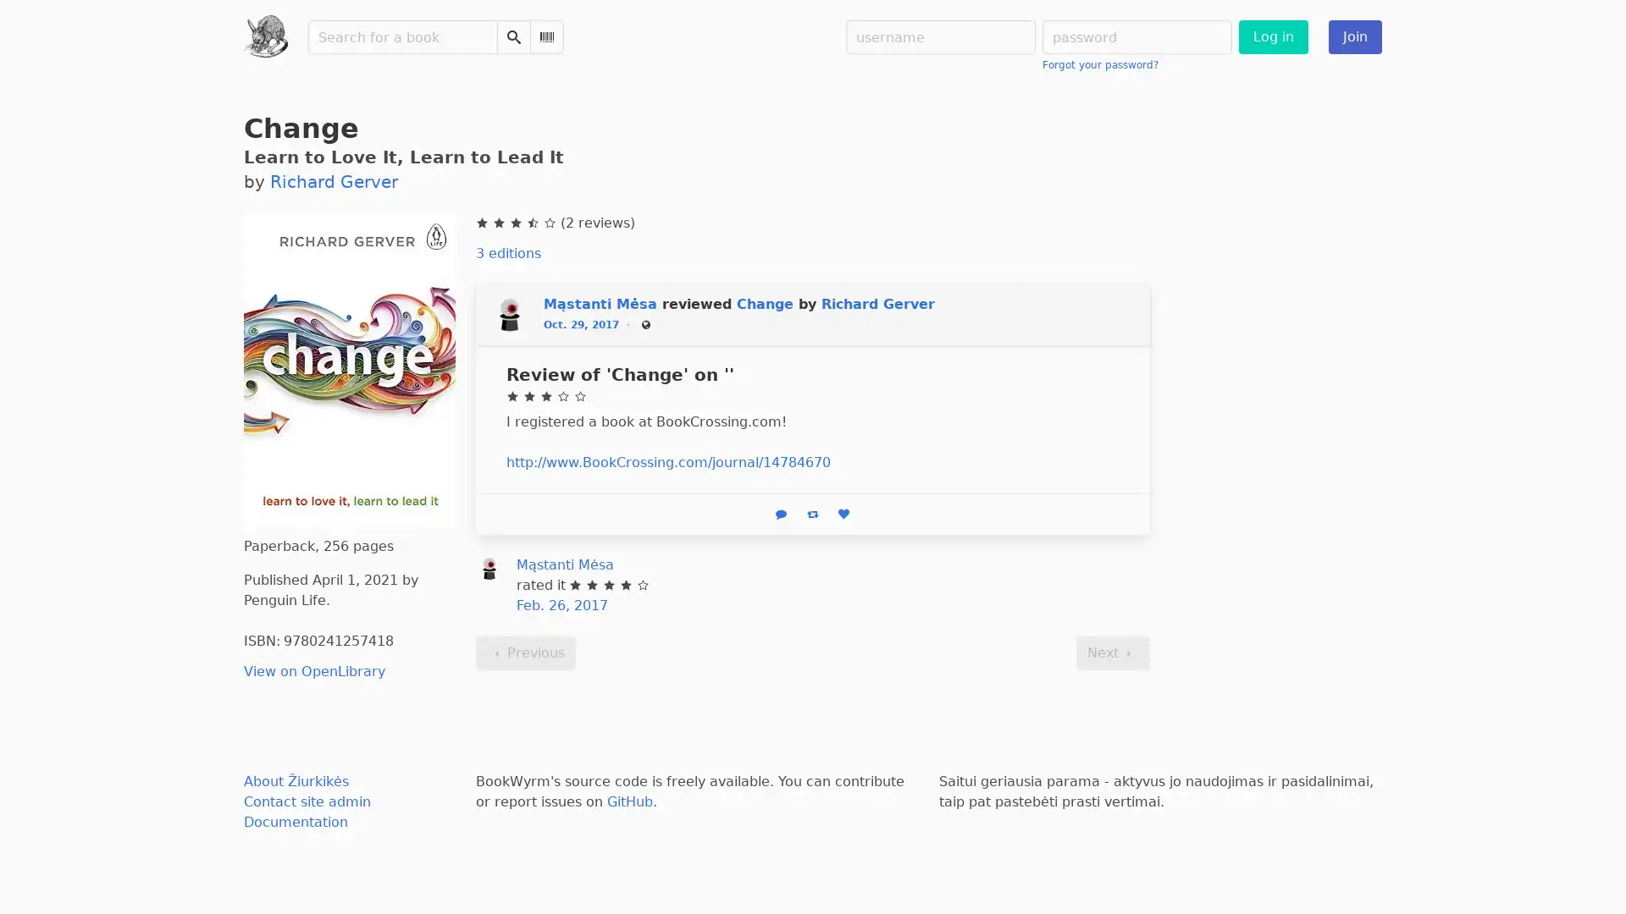 The image size is (1626, 914). Describe the element at coordinates (1272, 36) in the screenshot. I see `Log in` at that location.